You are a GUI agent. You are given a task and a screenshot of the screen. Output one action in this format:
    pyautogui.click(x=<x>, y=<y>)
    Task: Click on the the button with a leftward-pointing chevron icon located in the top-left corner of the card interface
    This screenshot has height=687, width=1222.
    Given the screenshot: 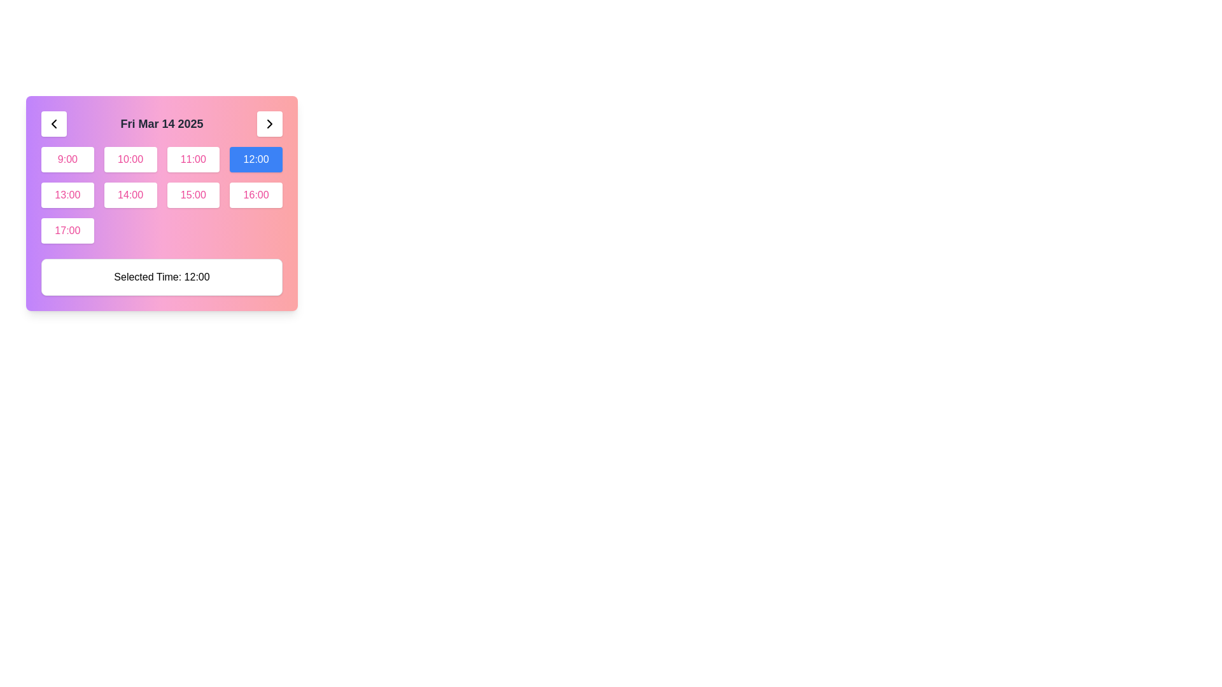 What is the action you would take?
    pyautogui.click(x=53, y=124)
    